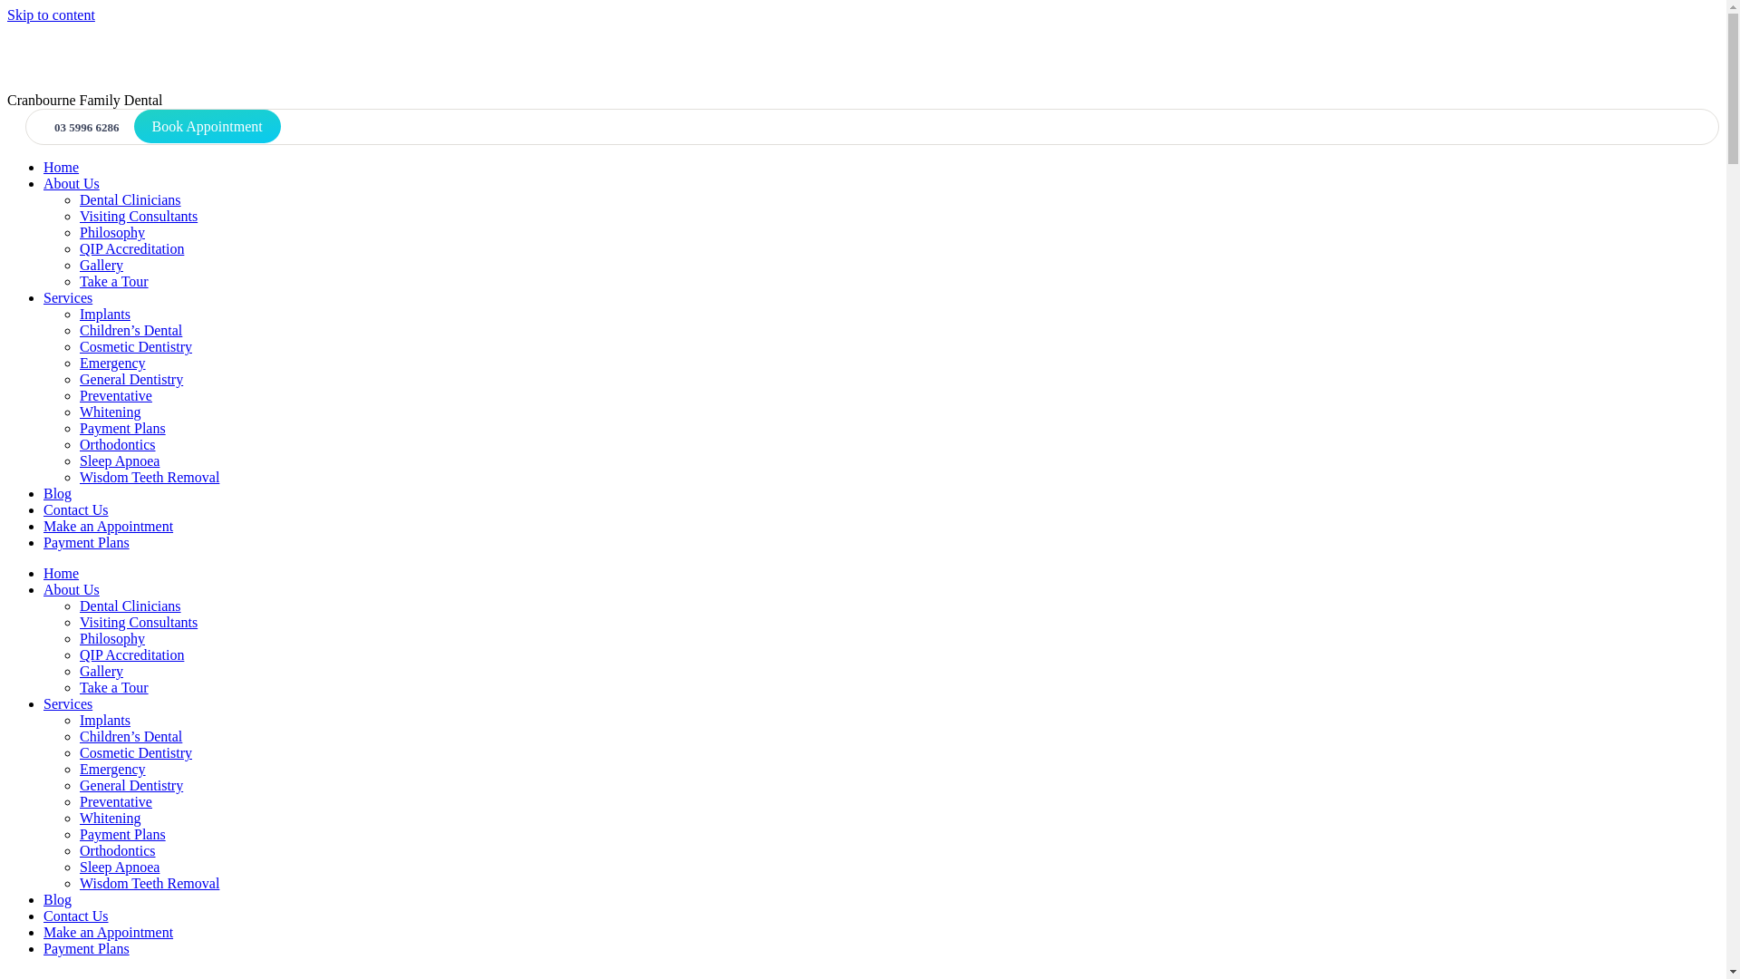 This screenshot has height=979, width=1740. What do you see at coordinates (61, 167) in the screenshot?
I see `'Home'` at bounding box center [61, 167].